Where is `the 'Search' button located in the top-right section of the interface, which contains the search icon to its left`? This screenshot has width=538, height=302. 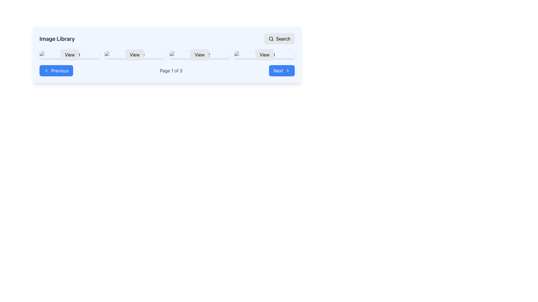 the 'Search' button located in the top-right section of the interface, which contains the search icon to its left is located at coordinates (271, 38).